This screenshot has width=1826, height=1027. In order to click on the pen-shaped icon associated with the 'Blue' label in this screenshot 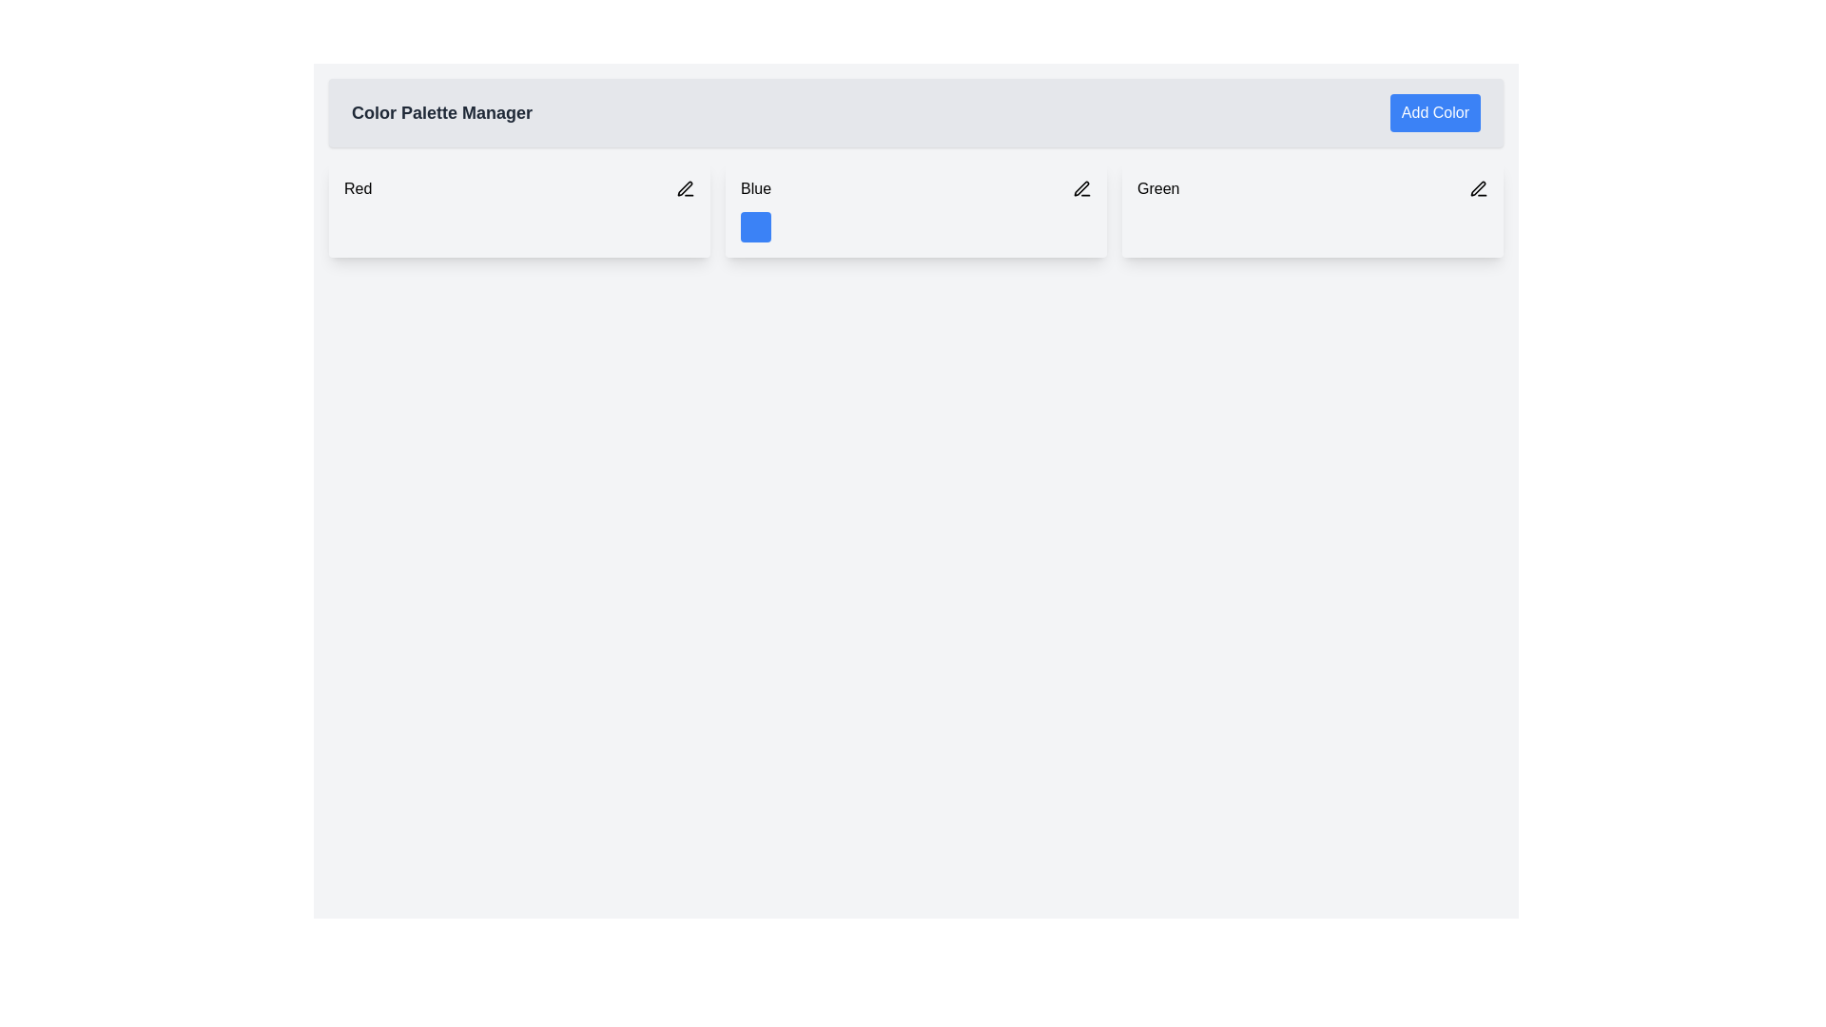, I will do `click(1081, 188)`.